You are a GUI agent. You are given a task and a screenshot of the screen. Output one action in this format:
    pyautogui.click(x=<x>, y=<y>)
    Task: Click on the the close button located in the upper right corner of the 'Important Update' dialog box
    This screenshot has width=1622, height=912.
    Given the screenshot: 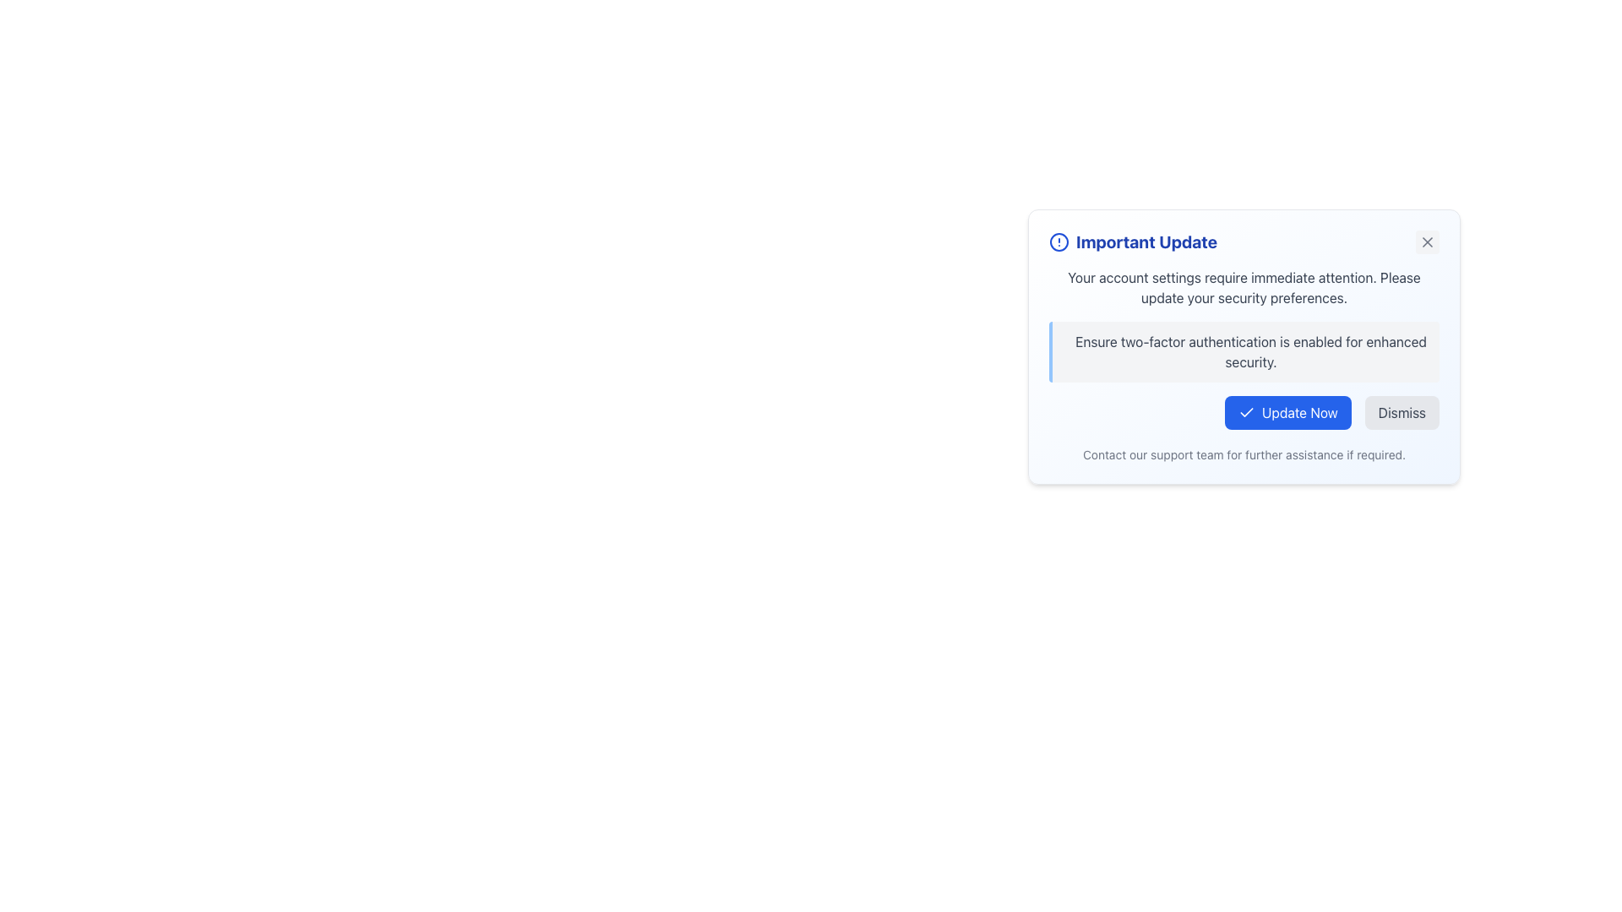 What is the action you would take?
    pyautogui.click(x=1426, y=242)
    